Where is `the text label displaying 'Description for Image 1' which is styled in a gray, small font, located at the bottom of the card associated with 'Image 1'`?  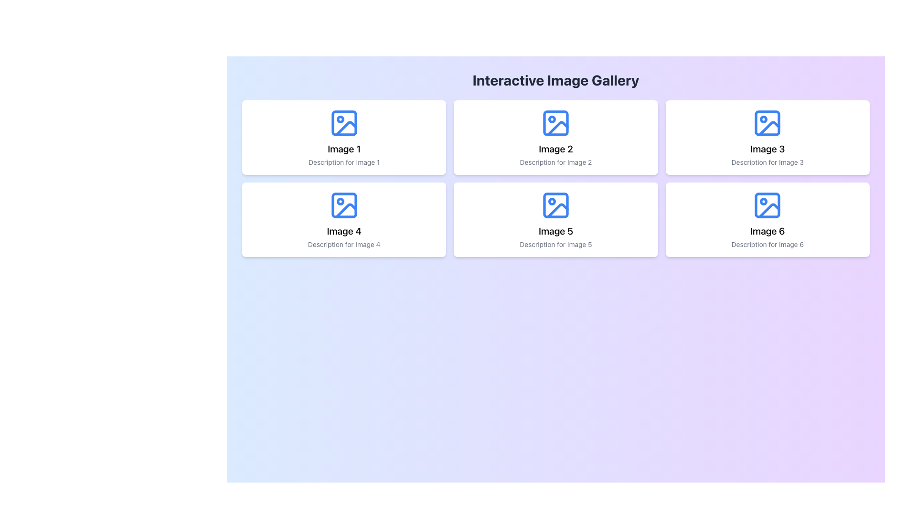 the text label displaying 'Description for Image 1' which is styled in a gray, small font, located at the bottom of the card associated with 'Image 1' is located at coordinates (344, 161).